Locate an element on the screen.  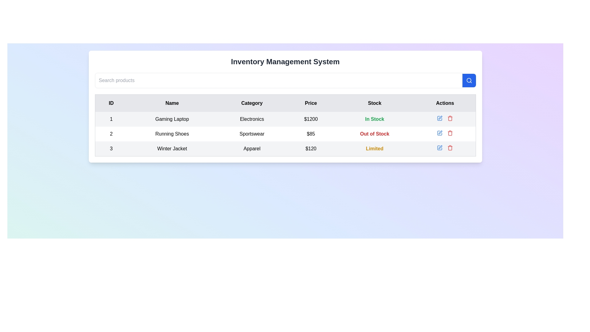
the first row in the product table displaying details such as ID, Name, Category, Price, and Stock status as part of a bulk action is located at coordinates (285, 119).